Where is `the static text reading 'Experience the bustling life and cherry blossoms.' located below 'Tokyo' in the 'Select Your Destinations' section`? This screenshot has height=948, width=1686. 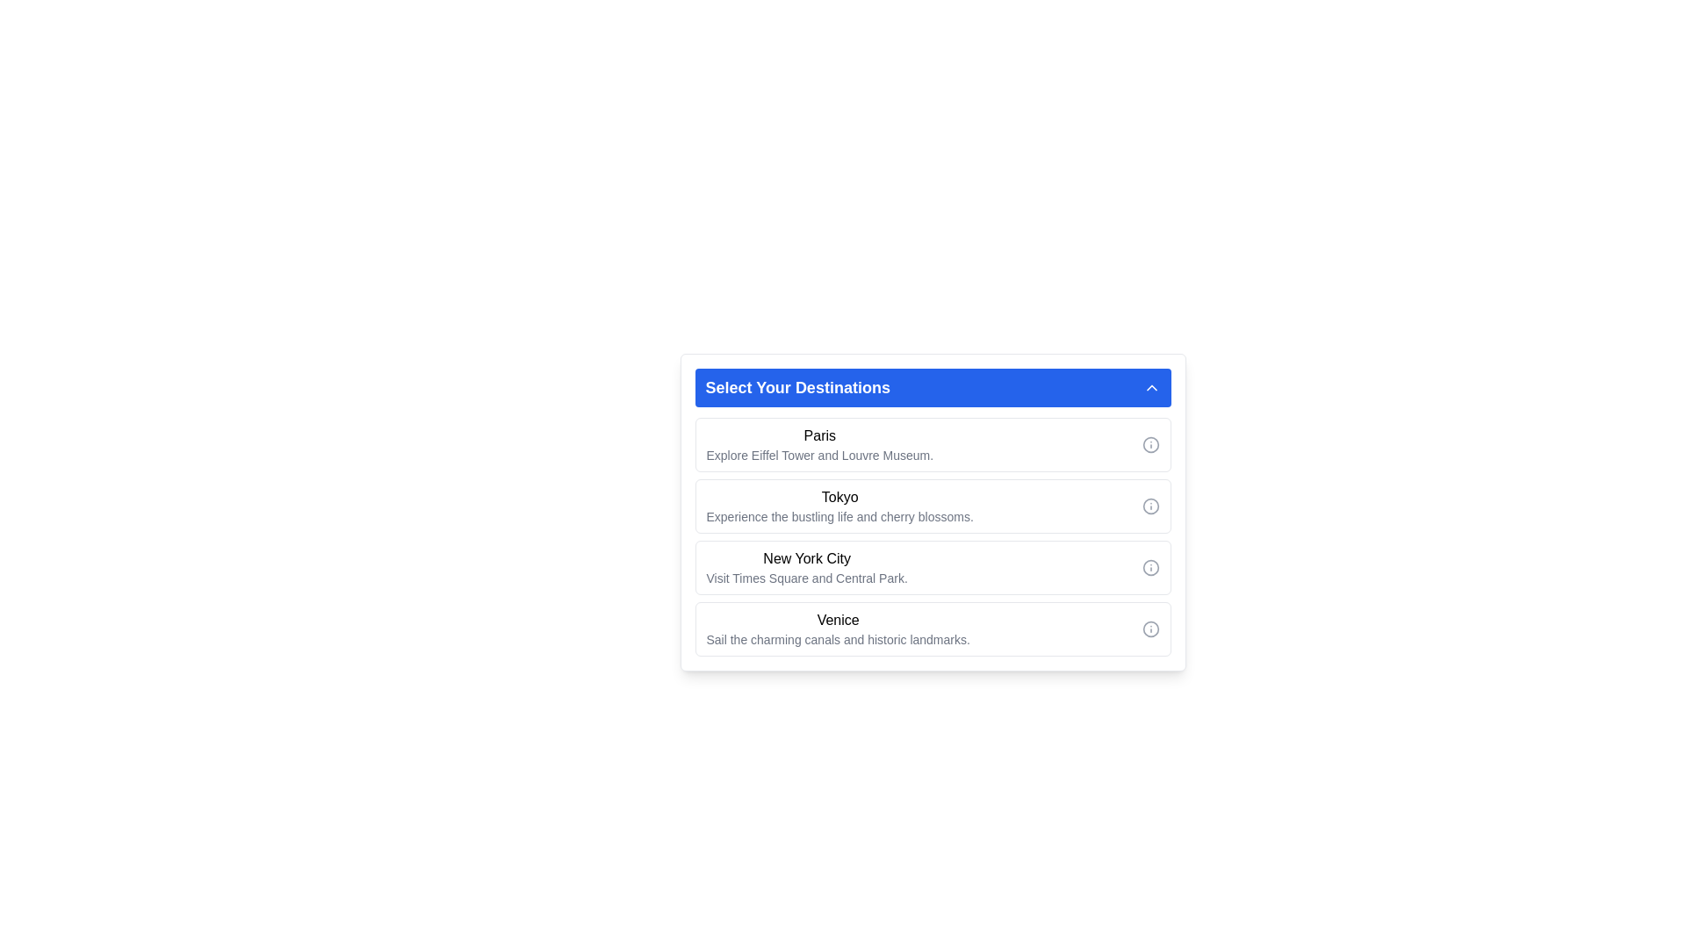
the static text reading 'Experience the bustling life and cherry blossoms.' located below 'Tokyo' in the 'Select Your Destinations' section is located at coordinates (839, 516).